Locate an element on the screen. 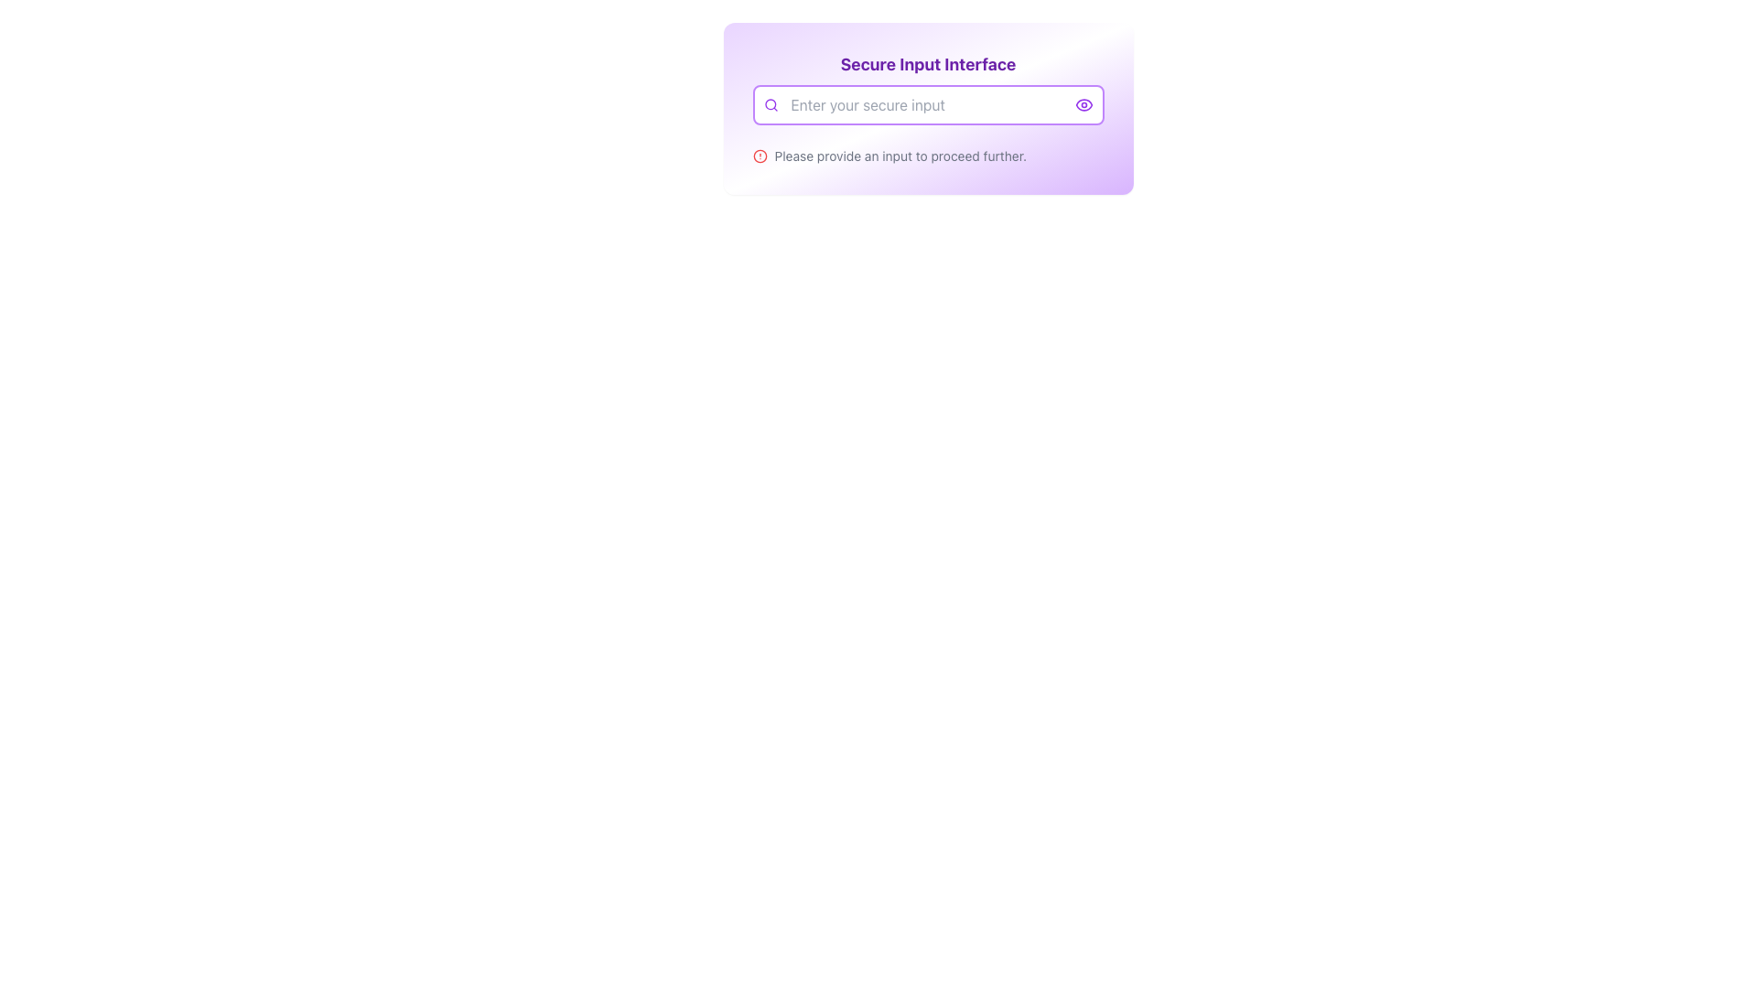 The width and height of the screenshot is (1757, 988). the circular eye icon button with a purple outline located to the far right of the text input field is located at coordinates (1083, 105).